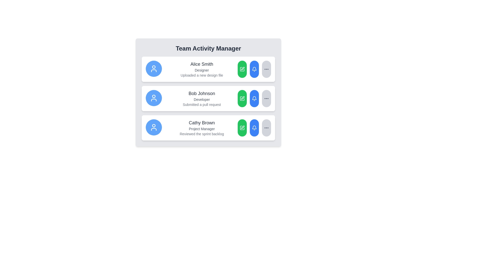 This screenshot has width=485, height=273. What do you see at coordinates (154, 98) in the screenshot?
I see `the circular blue Avatar/Icon containing a white user symbol, positioned to the left of 'Bob Johnson' in the second entry of the list` at bounding box center [154, 98].